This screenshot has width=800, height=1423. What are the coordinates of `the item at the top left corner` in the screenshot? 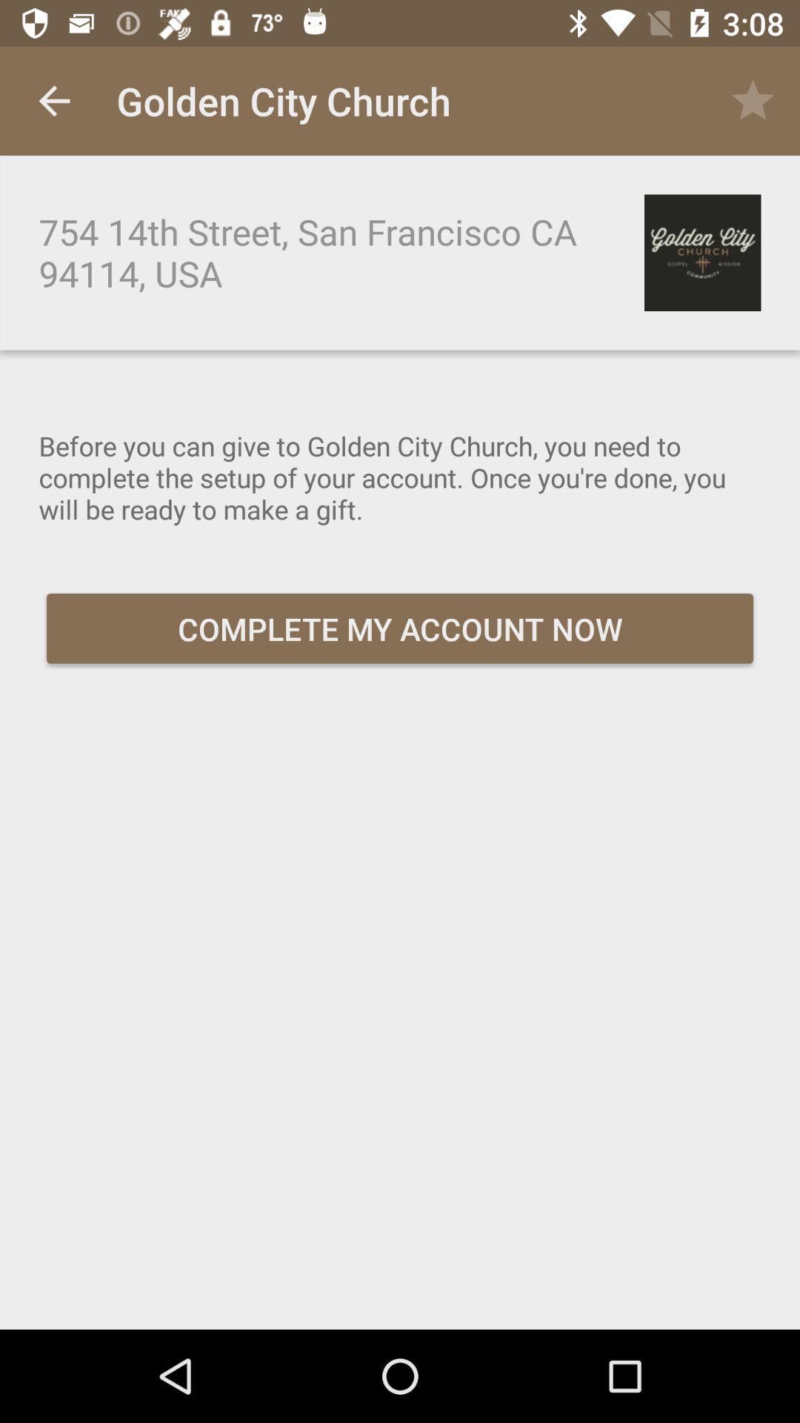 It's located at (53, 100).